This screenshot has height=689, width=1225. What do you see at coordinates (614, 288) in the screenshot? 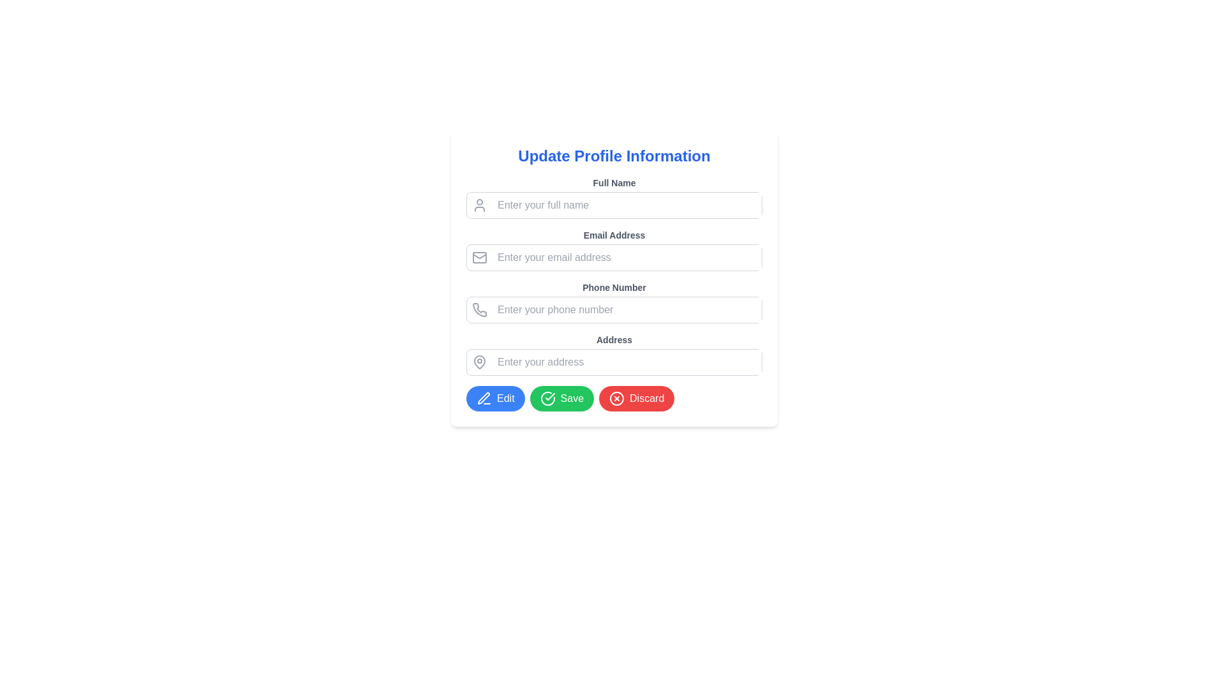
I see `the 'Phone Number' text label, which is prominently displayed in a bold and gray font, located within the 'Update Profile Information' form, directly above the phone number input field` at bounding box center [614, 288].